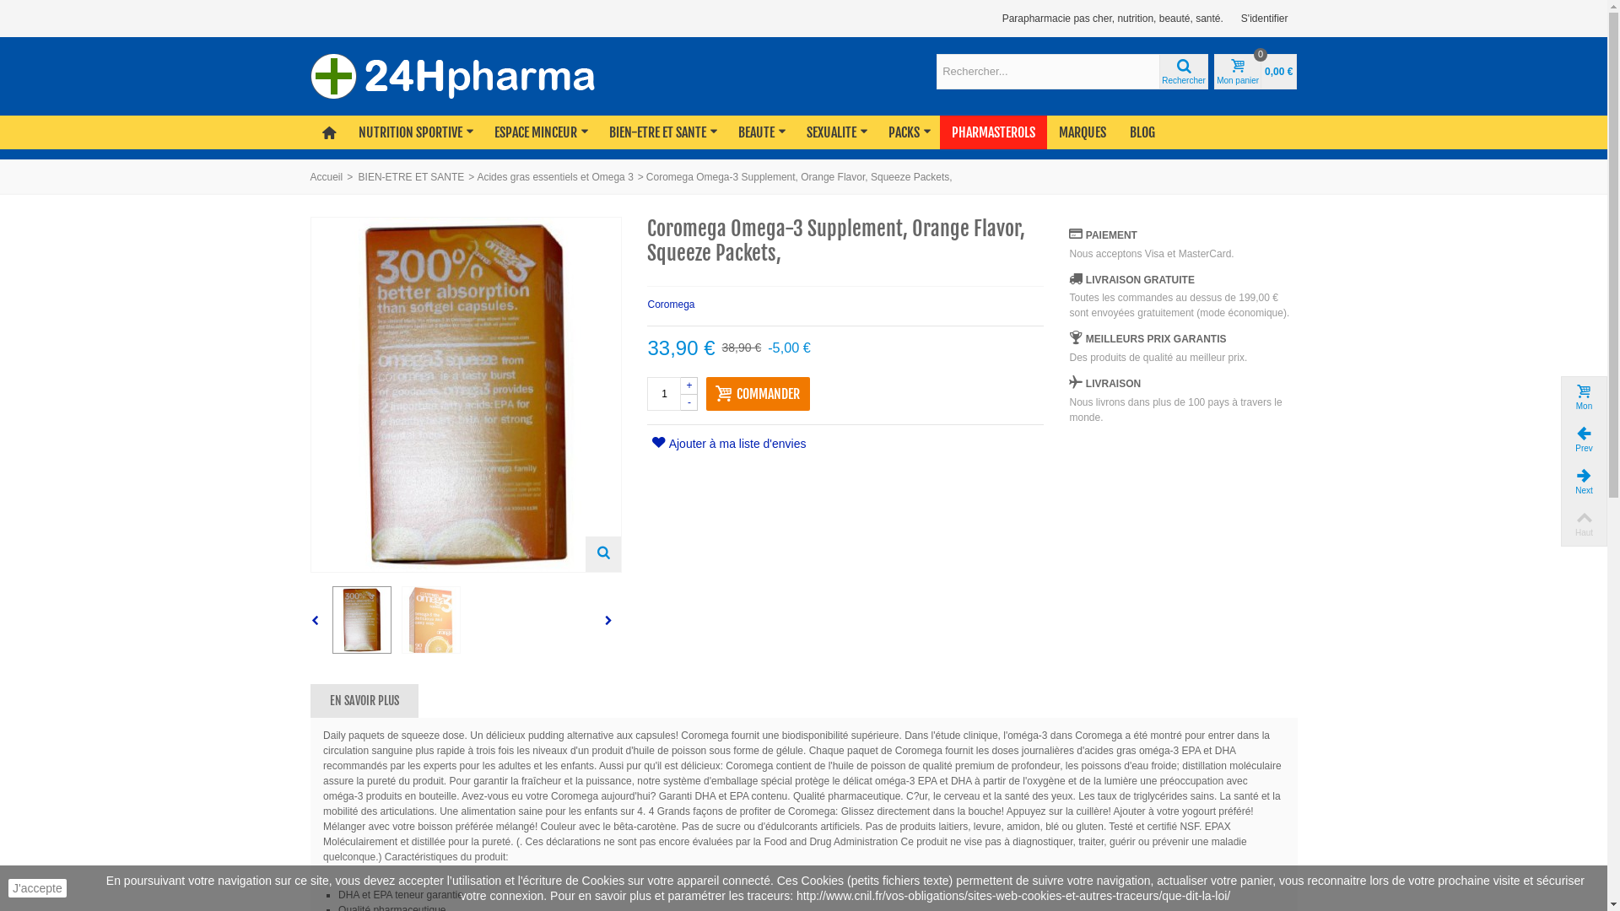  I want to click on 'SEXUALITE', so click(835, 132).